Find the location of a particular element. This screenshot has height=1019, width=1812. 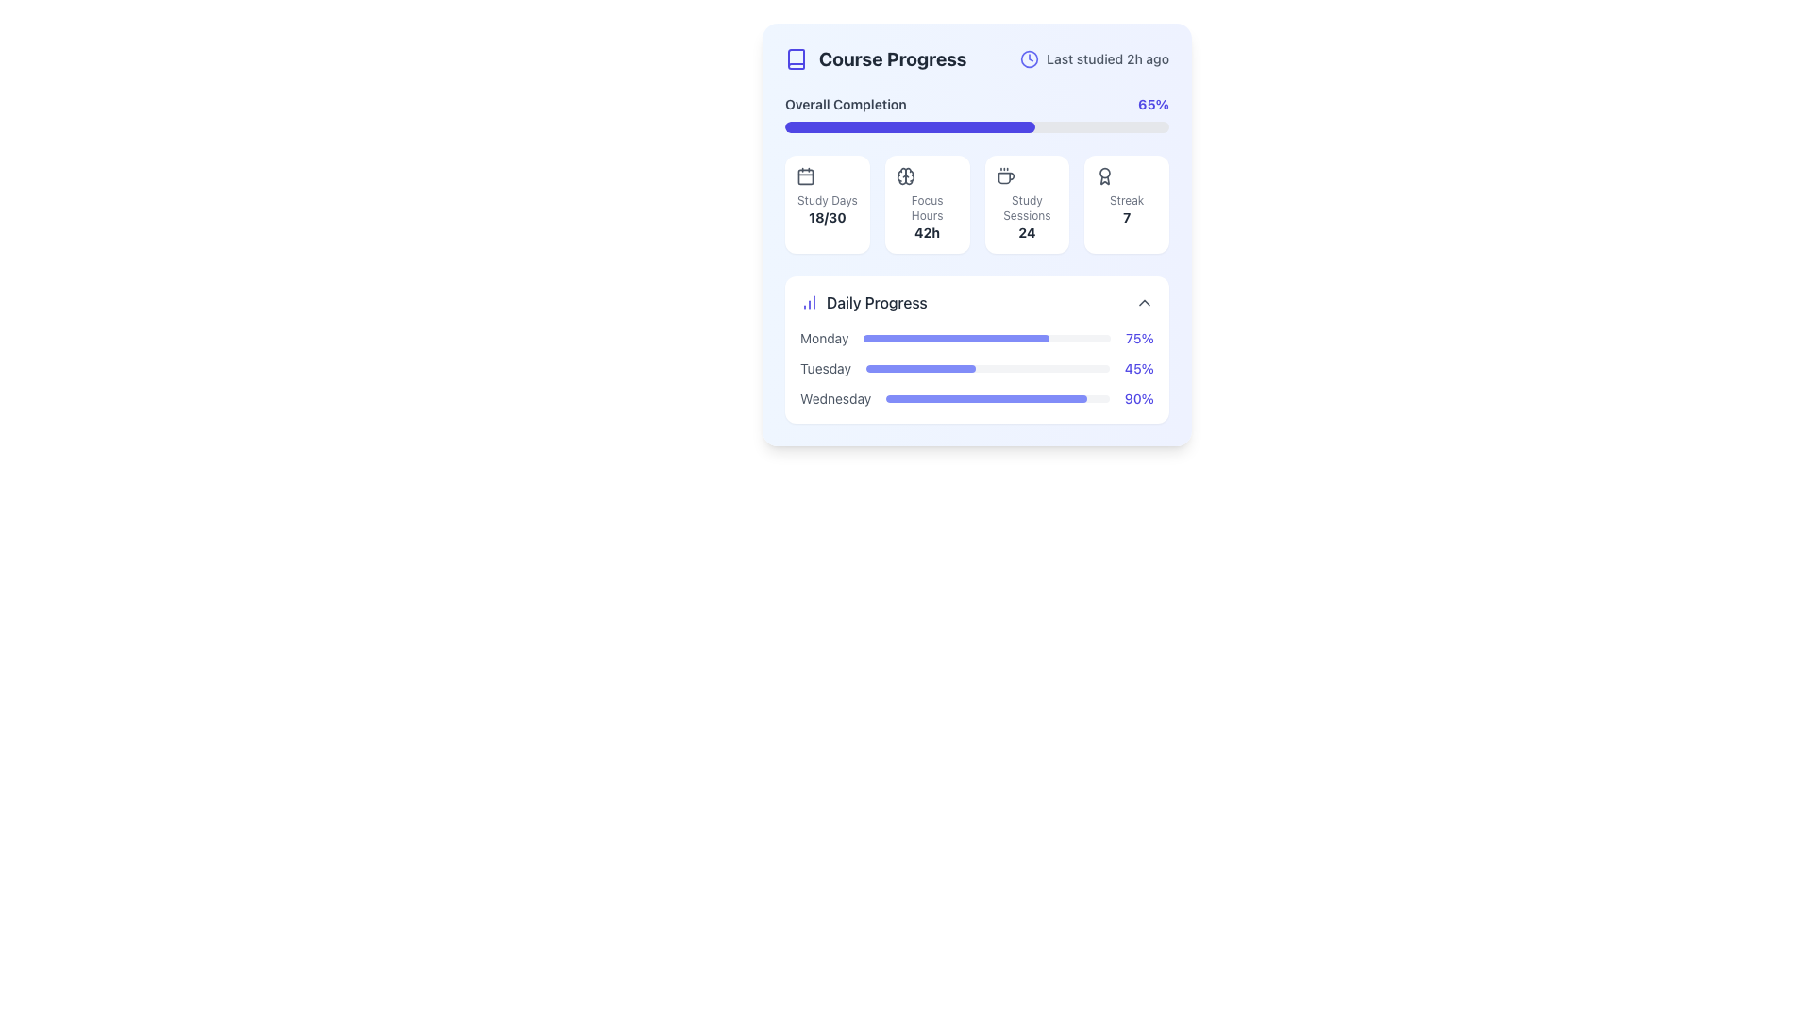

the visual decoration (circle within an icon) of the award badge located in the first row, fourth column of the summary cards on the dashboard is located at coordinates (1105, 173).